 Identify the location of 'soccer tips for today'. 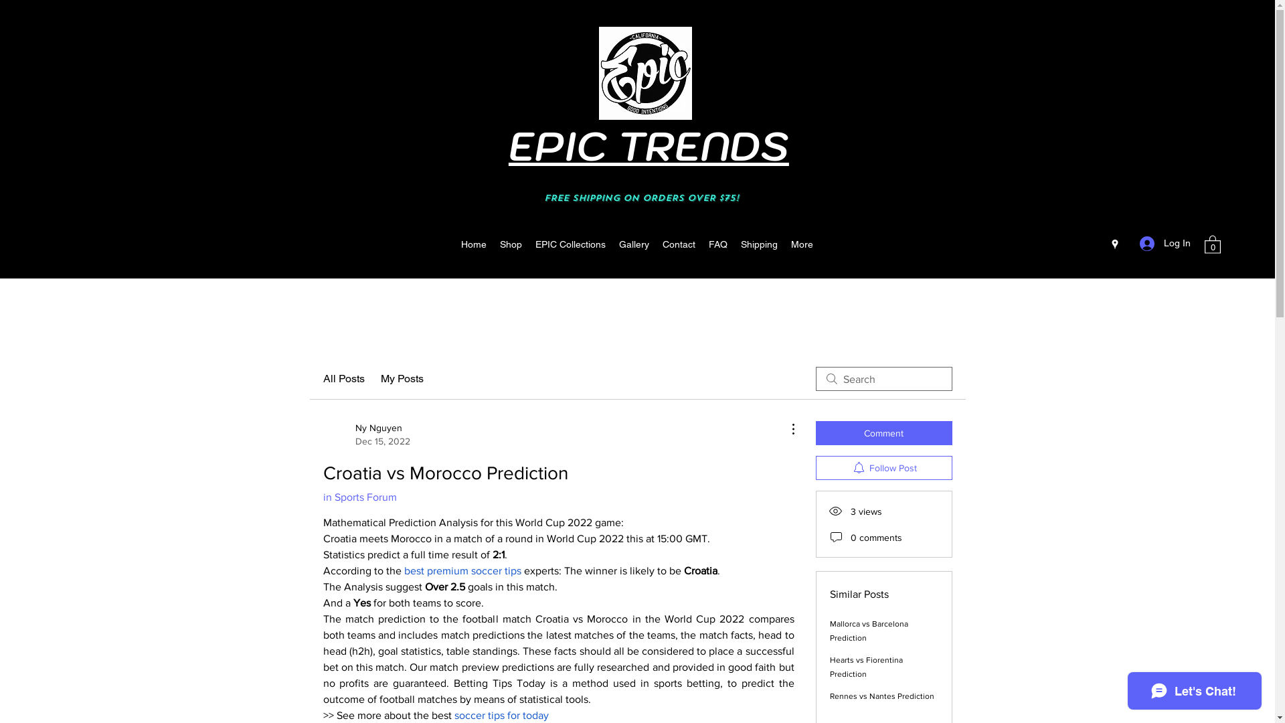
(453, 714).